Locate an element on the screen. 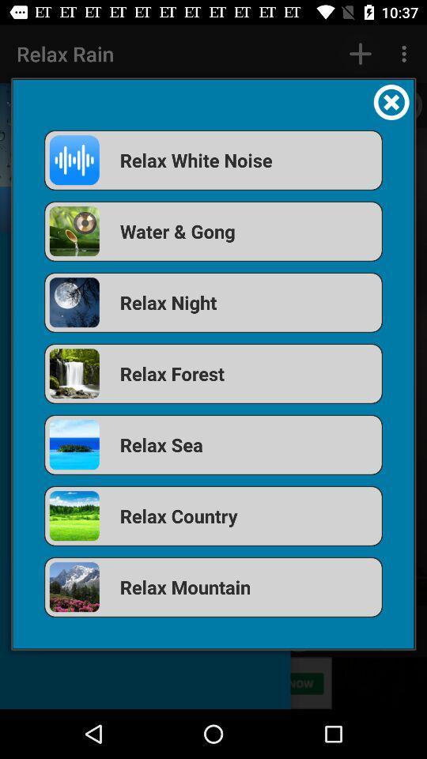  icon below the relax country icon is located at coordinates (213, 586).